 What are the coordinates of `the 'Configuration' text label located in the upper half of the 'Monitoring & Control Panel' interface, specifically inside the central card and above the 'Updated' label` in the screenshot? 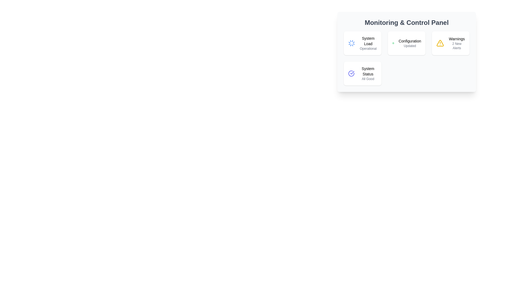 It's located at (410, 41).